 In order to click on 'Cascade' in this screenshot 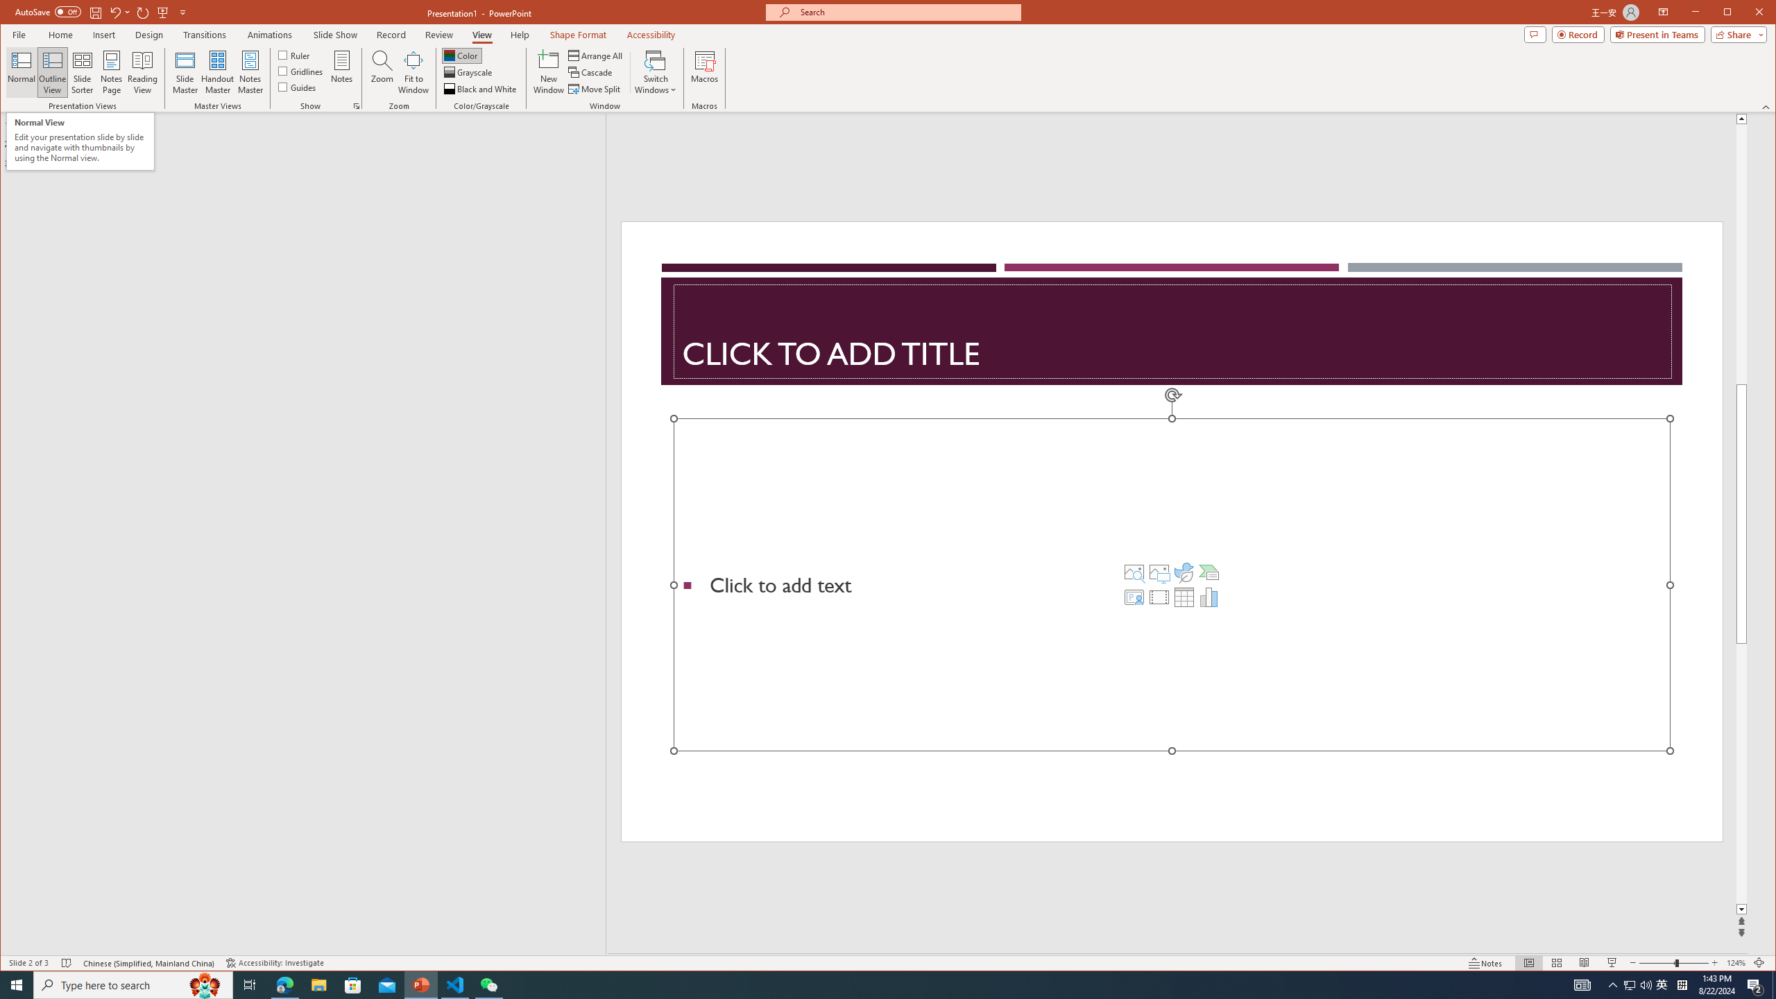, I will do `click(590, 72)`.